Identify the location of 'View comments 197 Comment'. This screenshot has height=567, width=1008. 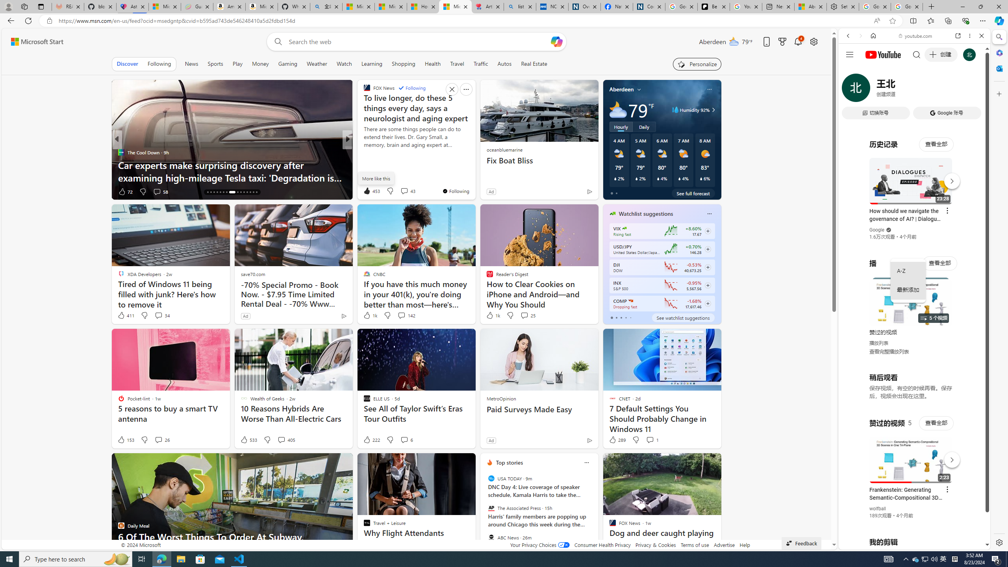
(406, 191).